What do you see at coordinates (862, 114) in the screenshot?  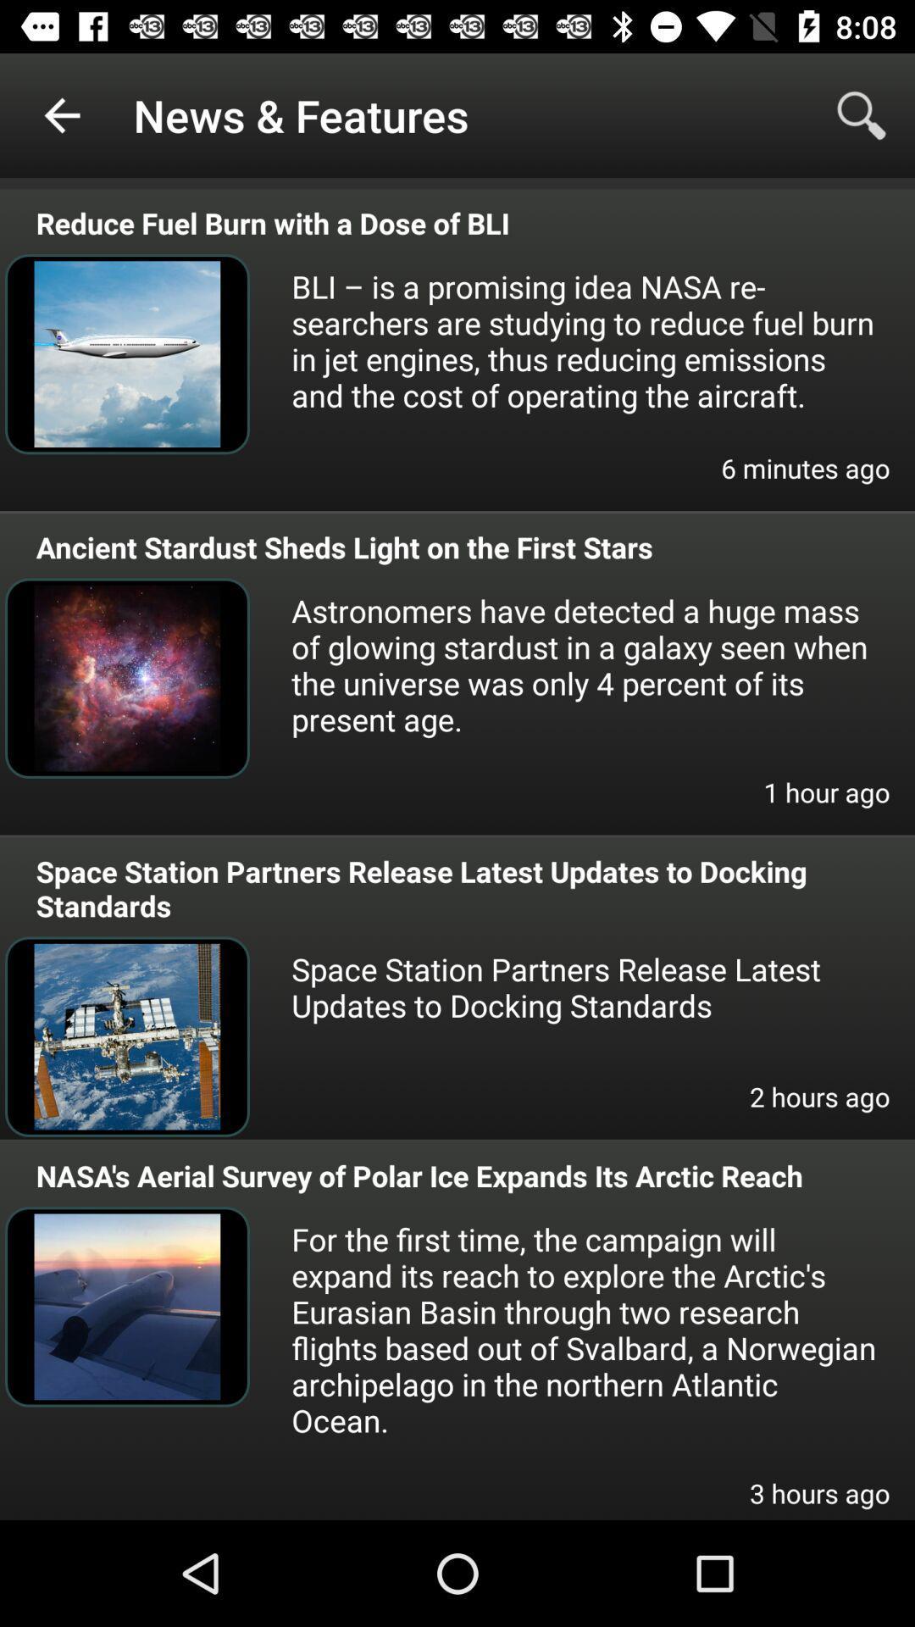 I see `item to the right of news & features icon` at bounding box center [862, 114].